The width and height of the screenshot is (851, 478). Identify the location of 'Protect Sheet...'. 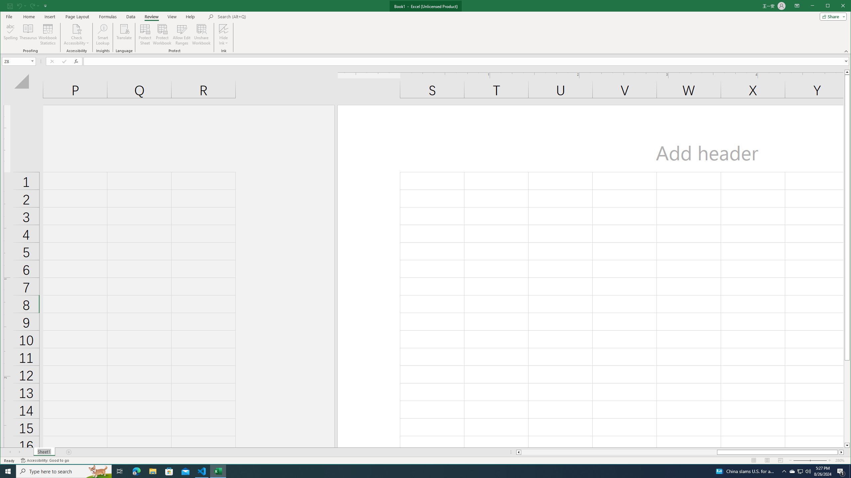
(145, 34).